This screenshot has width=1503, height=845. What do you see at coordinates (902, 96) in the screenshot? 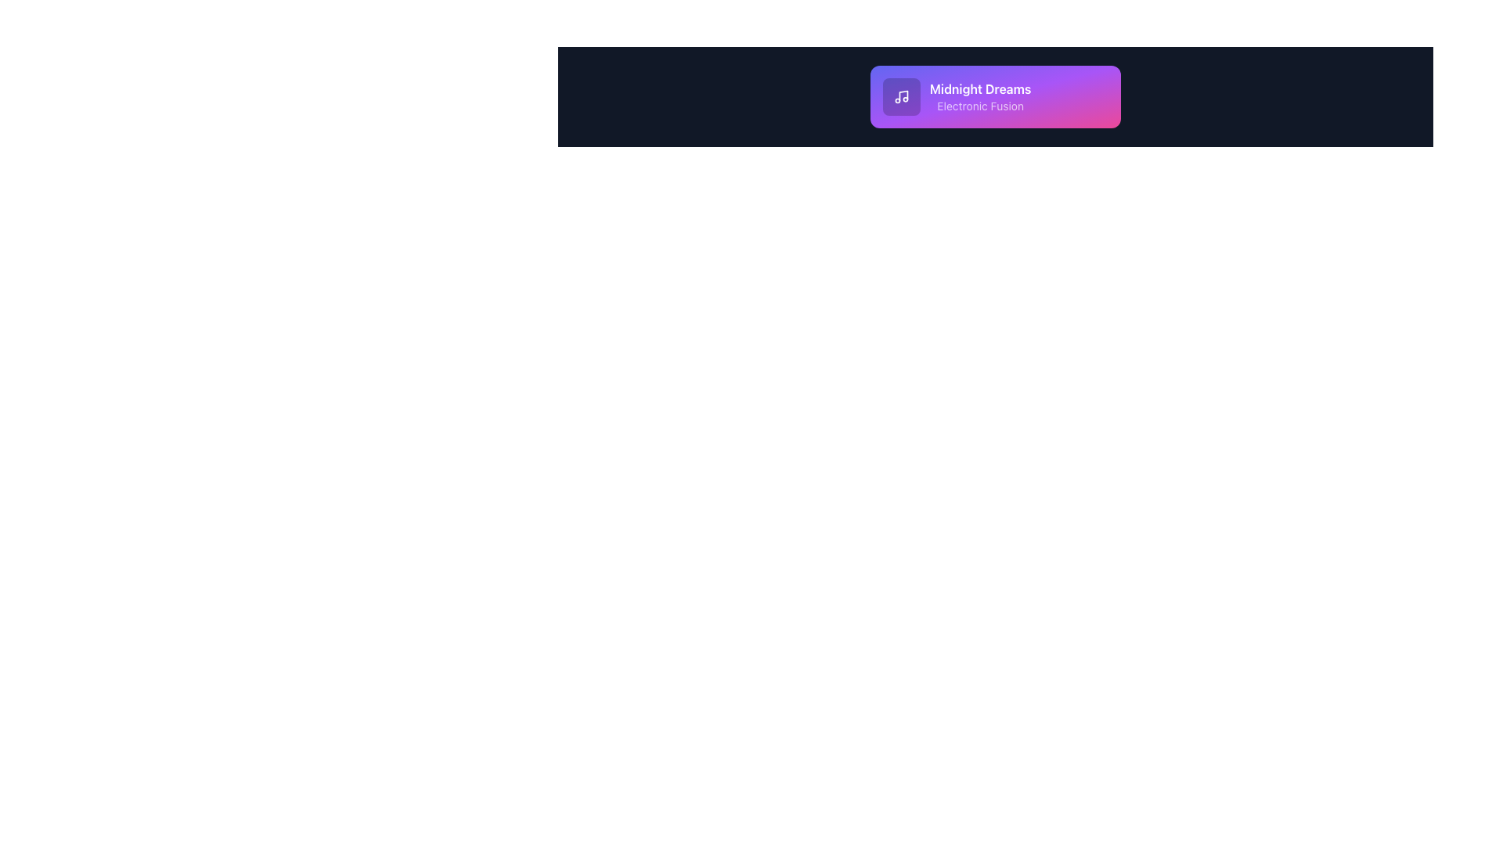
I see `the music-related icon located before the text 'Midnight Dreams' in the header group` at bounding box center [902, 96].